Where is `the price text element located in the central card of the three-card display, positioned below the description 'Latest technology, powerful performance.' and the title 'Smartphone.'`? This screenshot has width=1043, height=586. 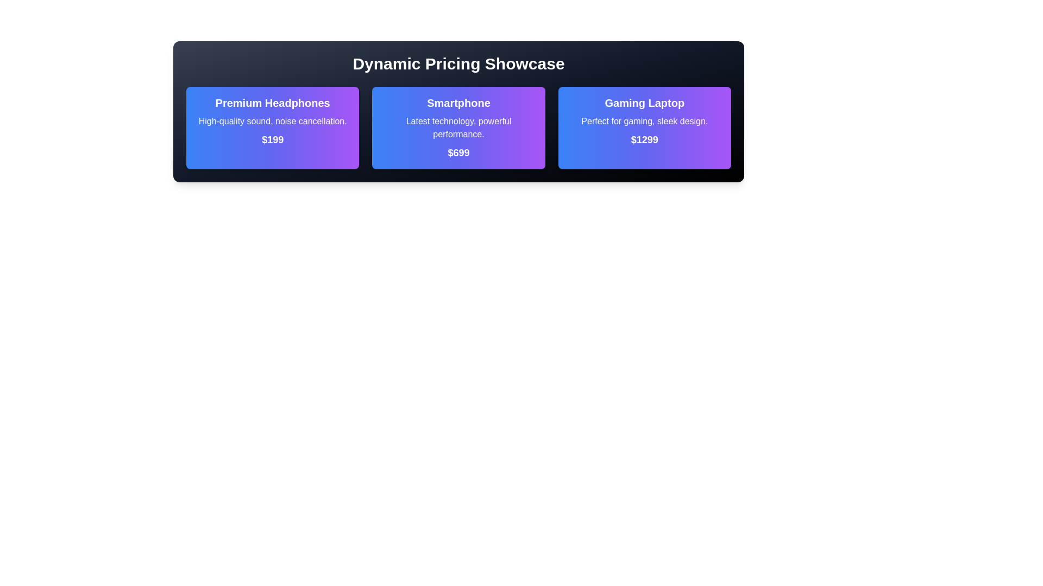 the price text element located in the central card of the three-card display, positioned below the description 'Latest technology, powerful performance.' and the title 'Smartphone.' is located at coordinates (458, 152).